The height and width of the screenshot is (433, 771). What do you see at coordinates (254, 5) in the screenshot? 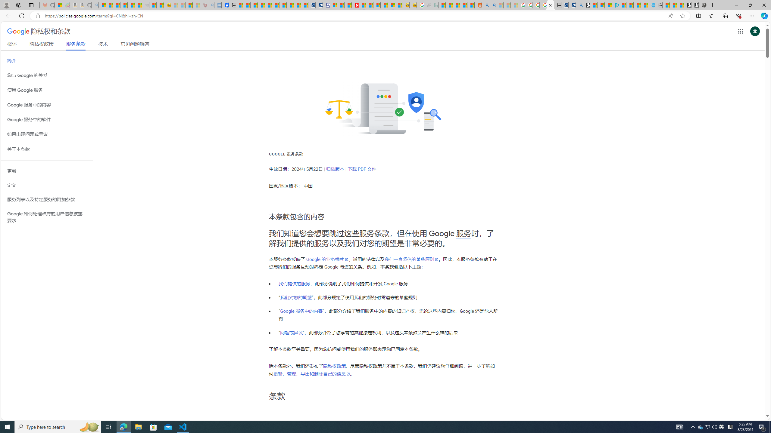
I see `'World - MSN'` at bounding box center [254, 5].